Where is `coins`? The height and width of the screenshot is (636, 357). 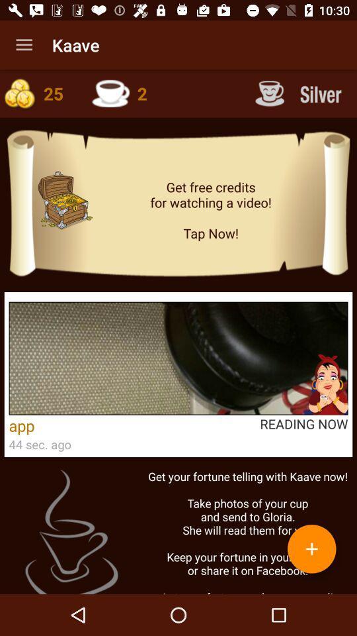 coins is located at coordinates (39, 93).